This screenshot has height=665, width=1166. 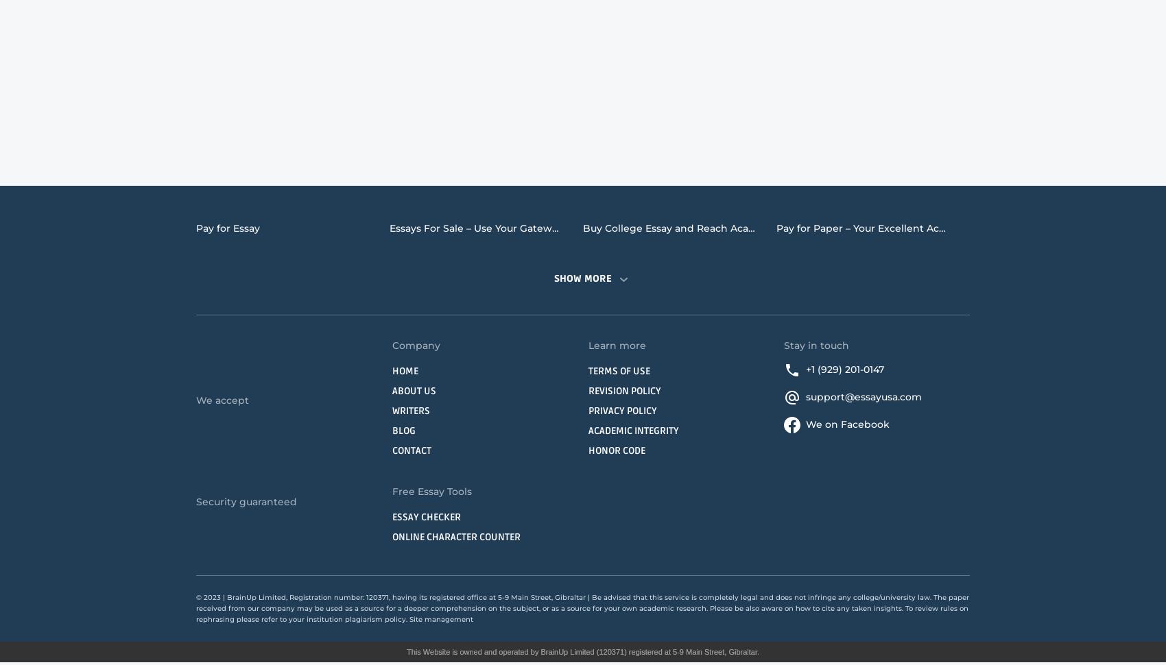 What do you see at coordinates (425, 516) in the screenshot?
I see `'Essay Checker'` at bounding box center [425, 516].